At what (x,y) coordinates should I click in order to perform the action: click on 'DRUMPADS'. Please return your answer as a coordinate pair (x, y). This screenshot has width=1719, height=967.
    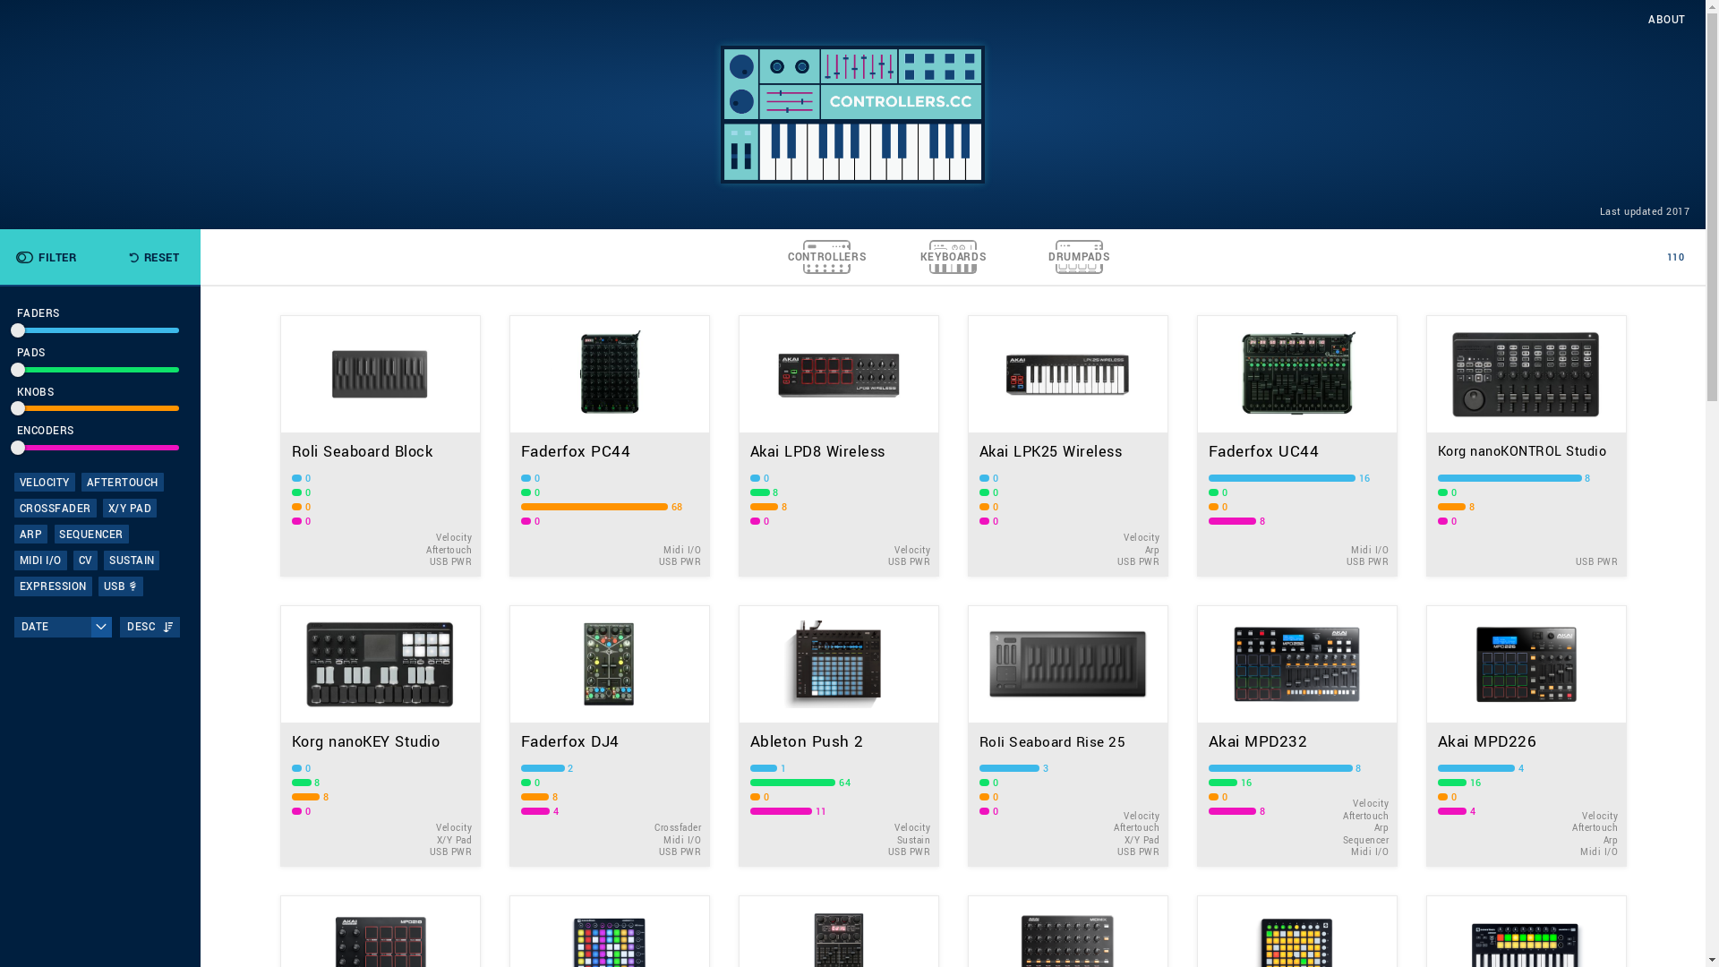
    Looking at the image, I should click on (1078, 256).